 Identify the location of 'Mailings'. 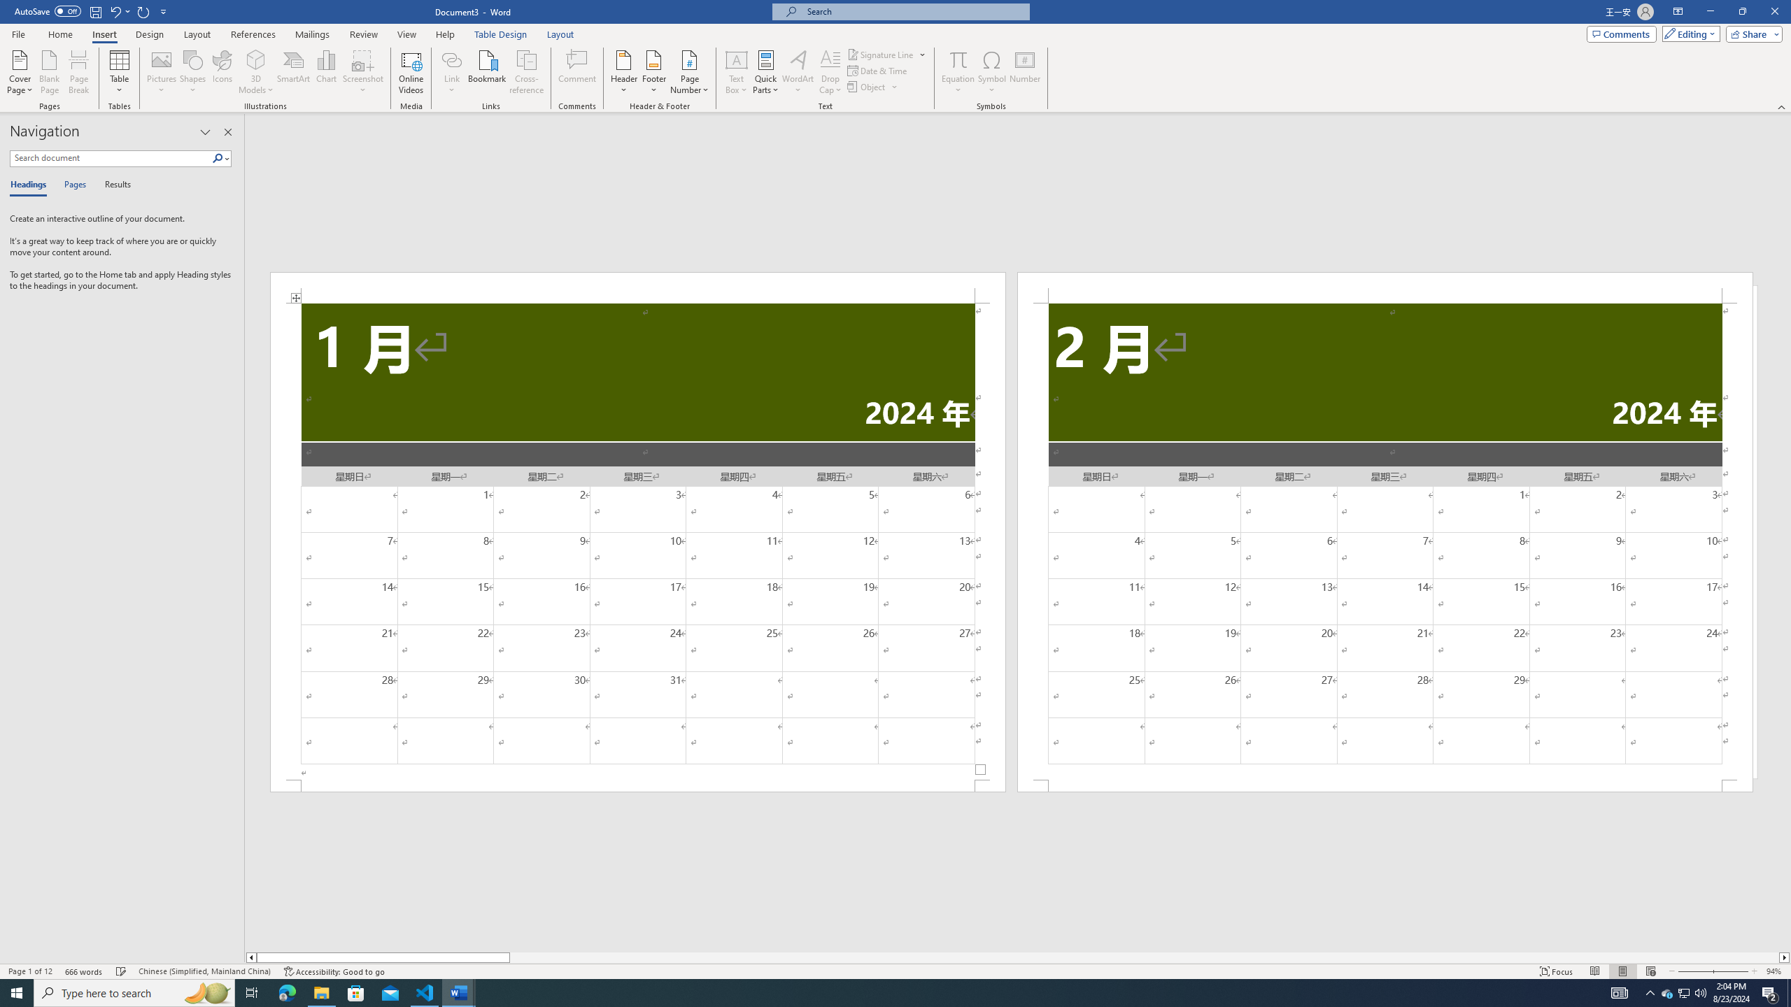
(311, 34).